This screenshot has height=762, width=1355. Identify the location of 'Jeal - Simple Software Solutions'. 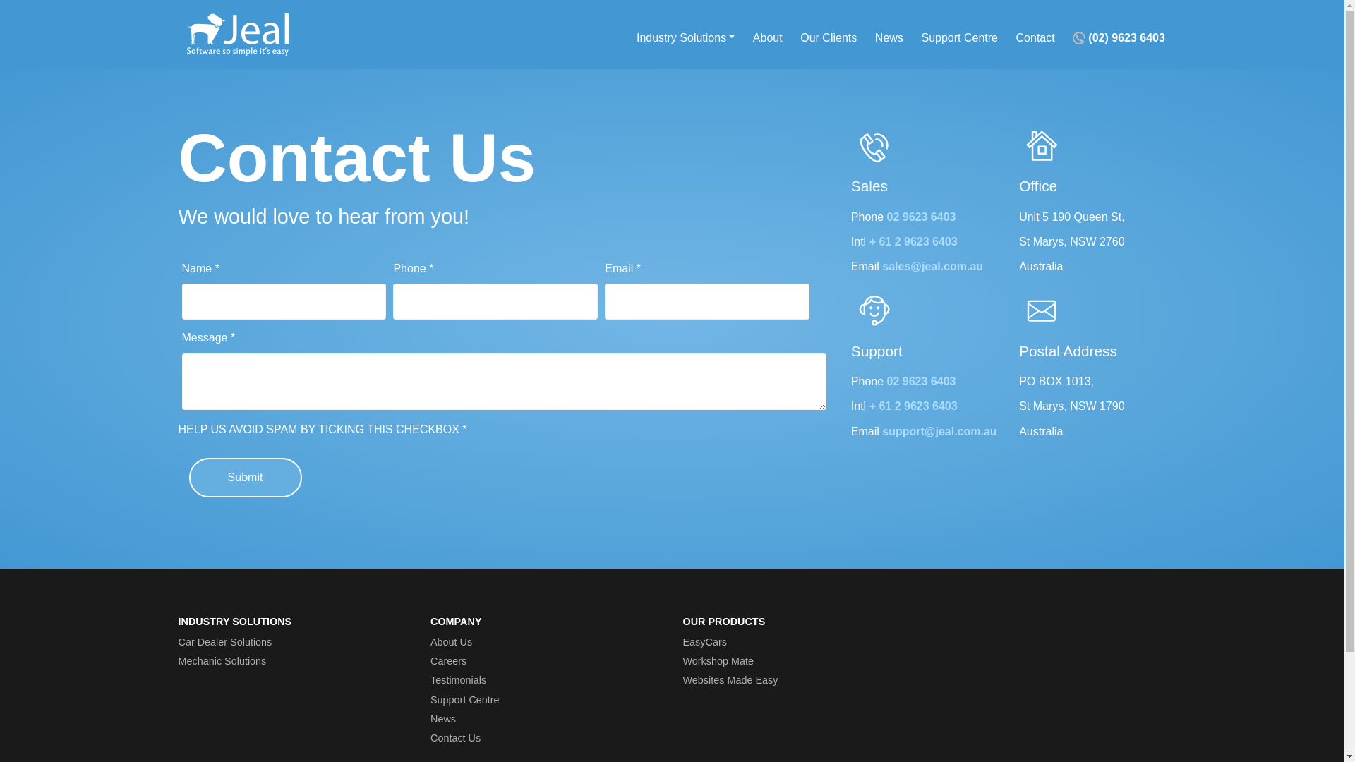
(237, 34).